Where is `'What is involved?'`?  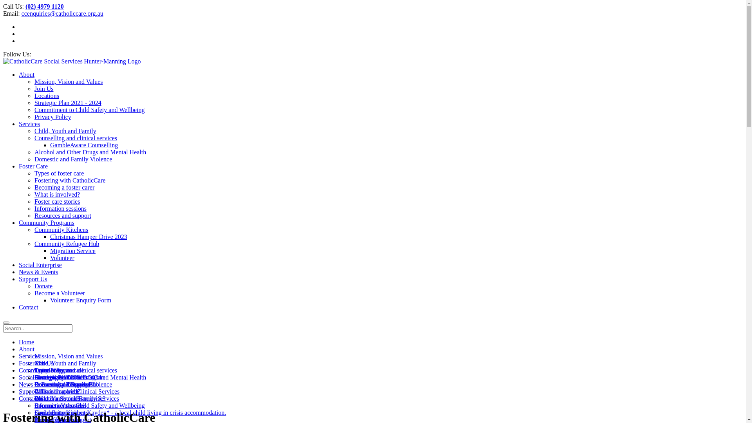
'What is involved?' is located at coordinates (56, 194).